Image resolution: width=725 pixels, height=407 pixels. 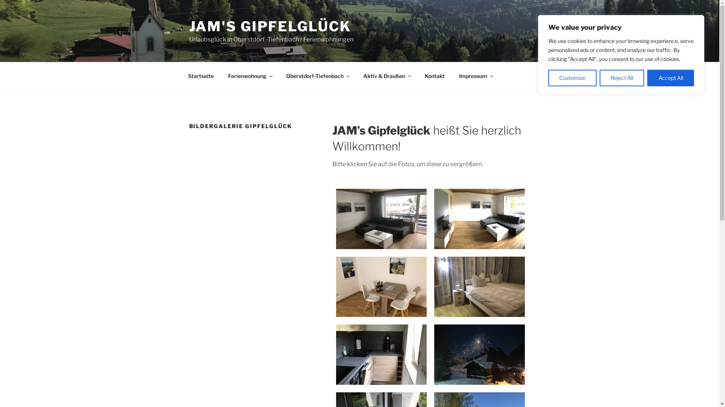 What do you see at coordinates (572, 78) in the screenshot?
I see `'Customize'` at bounding box center [572, 78].